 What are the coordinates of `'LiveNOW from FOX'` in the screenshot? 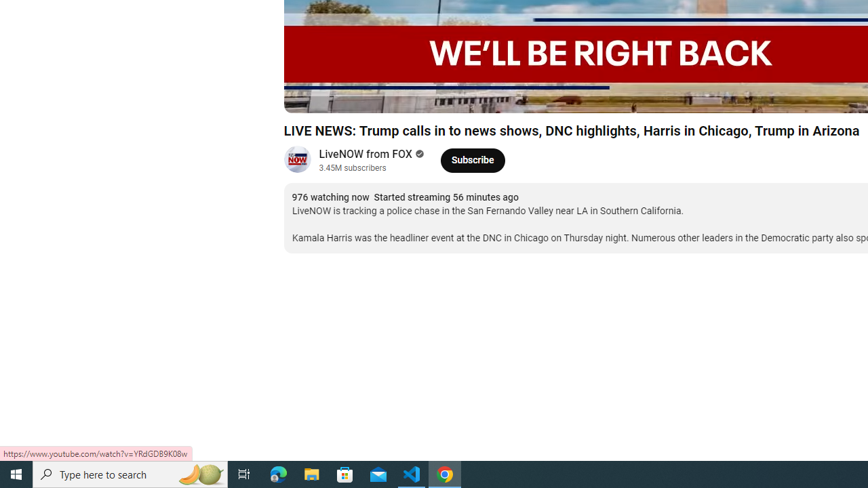 It's located at (366, 153).